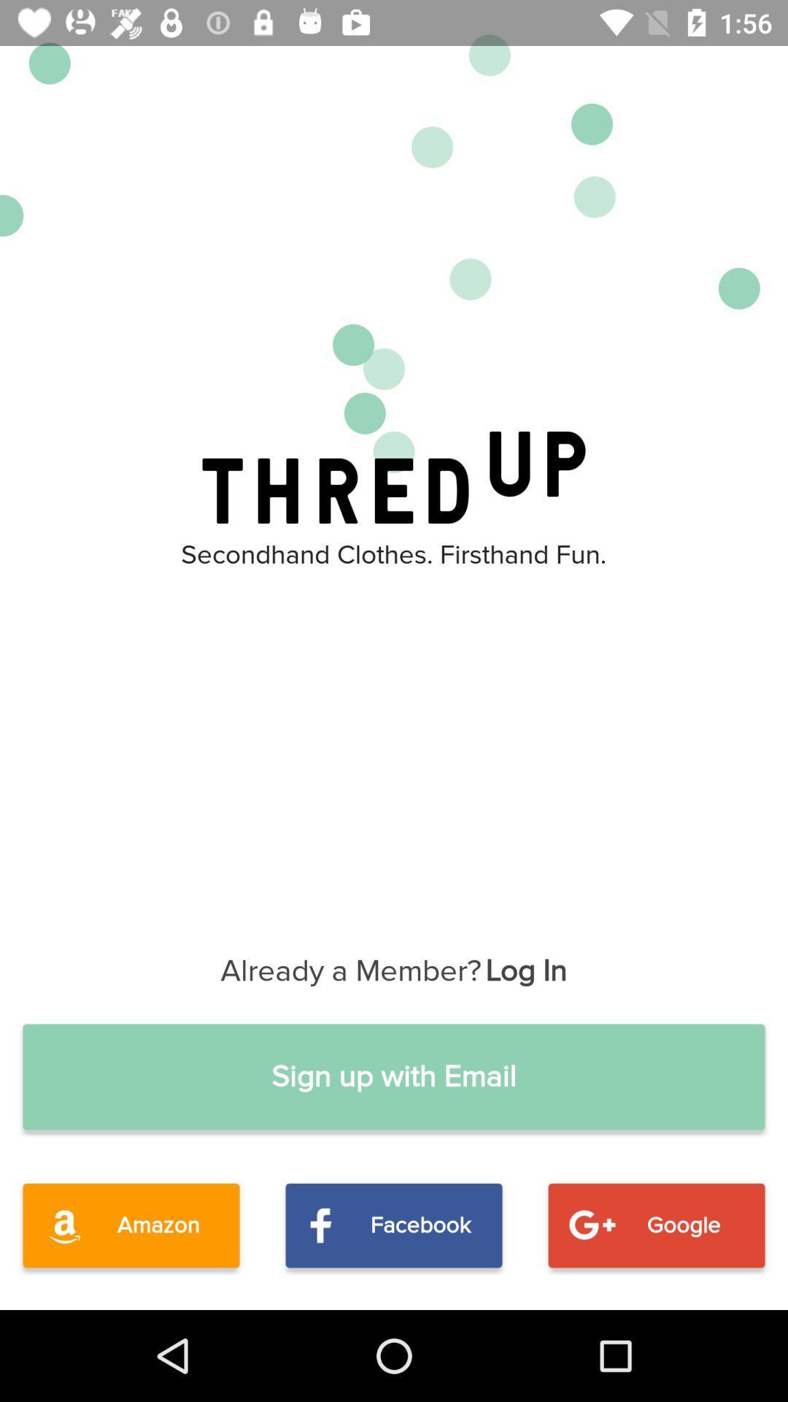 Image resolution: width=788 pixels, height=1402 pixels. Describe the element at coordinates (394, 1225) in the screenshot. I see `icon below sign up with item` at that location.